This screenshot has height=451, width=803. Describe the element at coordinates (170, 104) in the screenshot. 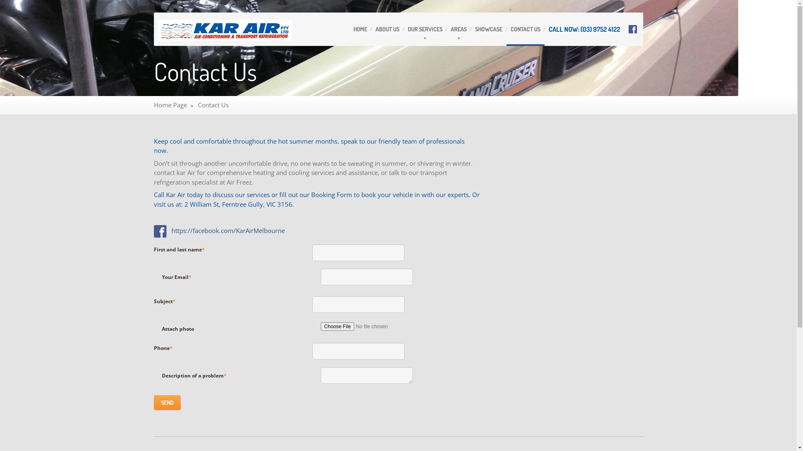

I see `'Home Page'` at that location.